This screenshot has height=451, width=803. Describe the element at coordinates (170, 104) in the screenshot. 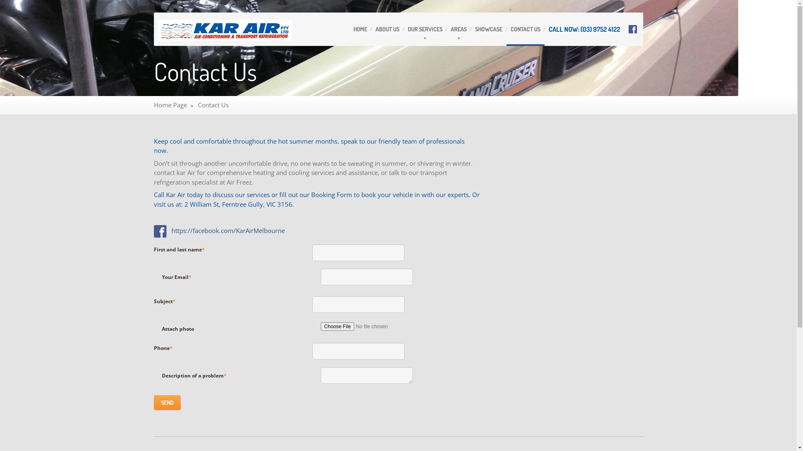

I see `'Home Page'` at that location.